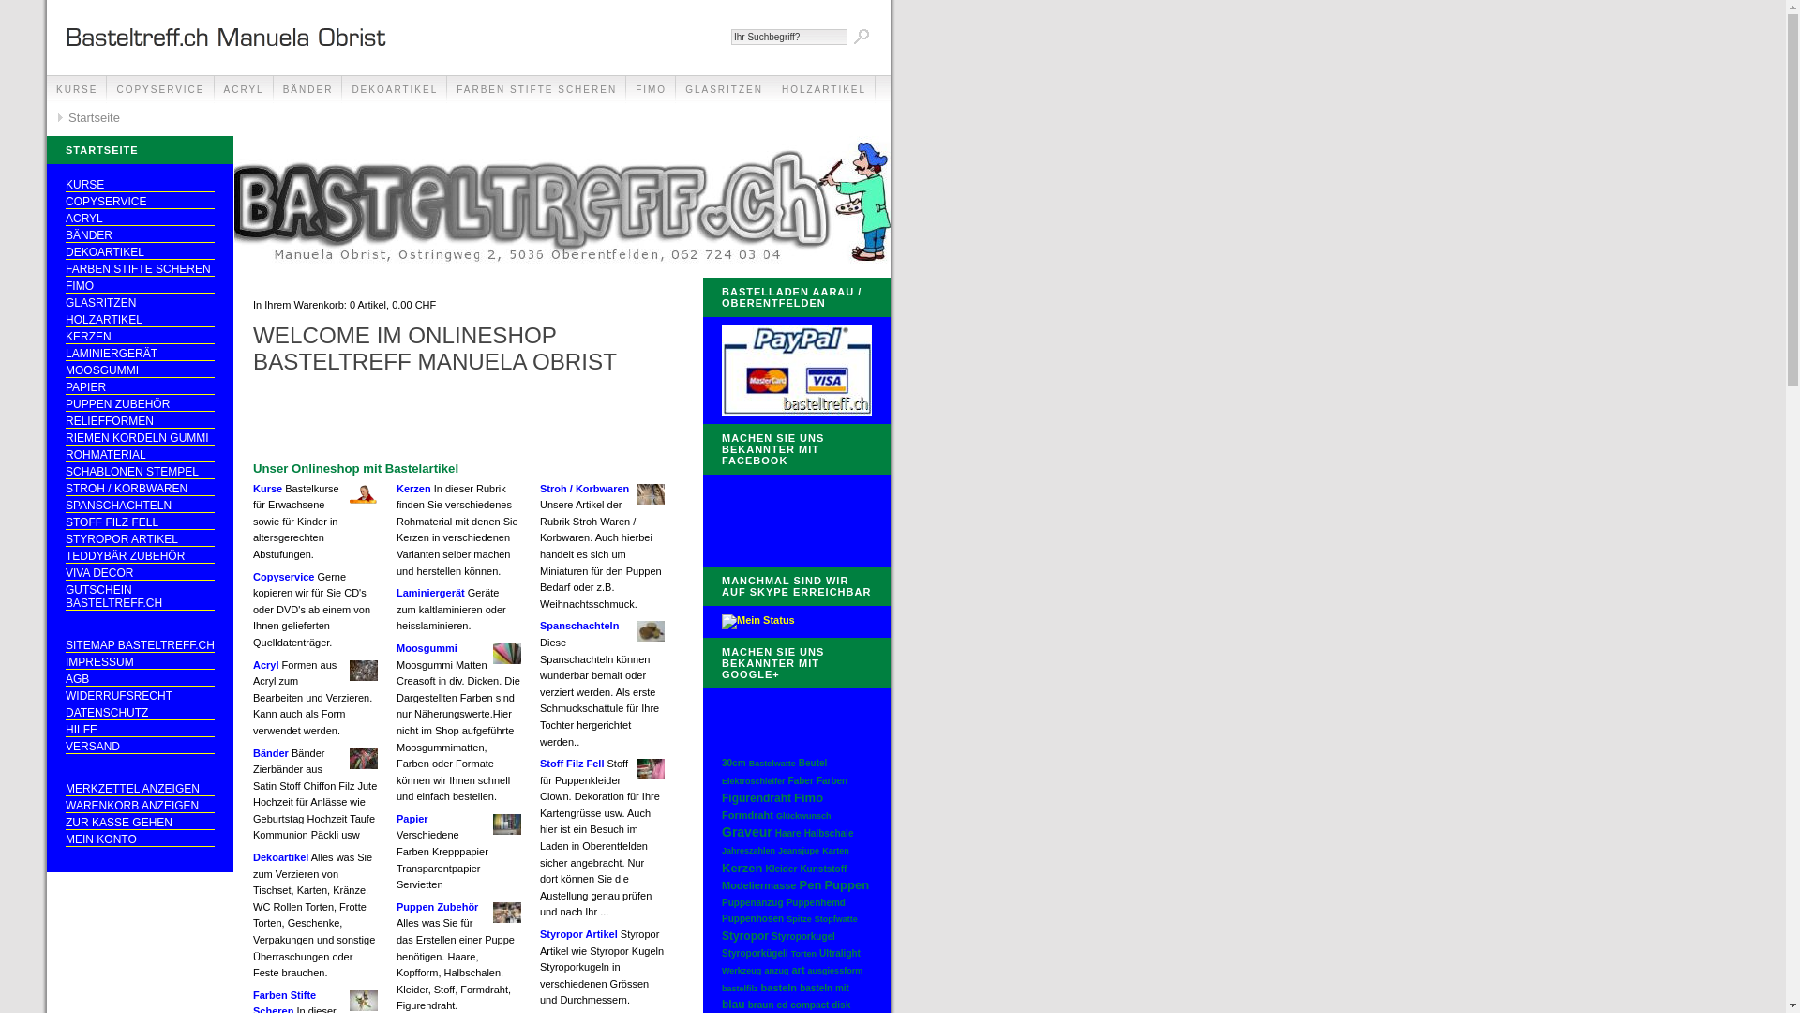 The image size is (1800, 1013). What do you see at coordinates (816, 901) in the screenshot?
I see `'Puppenhemd'` at bounding box center [816, 901].